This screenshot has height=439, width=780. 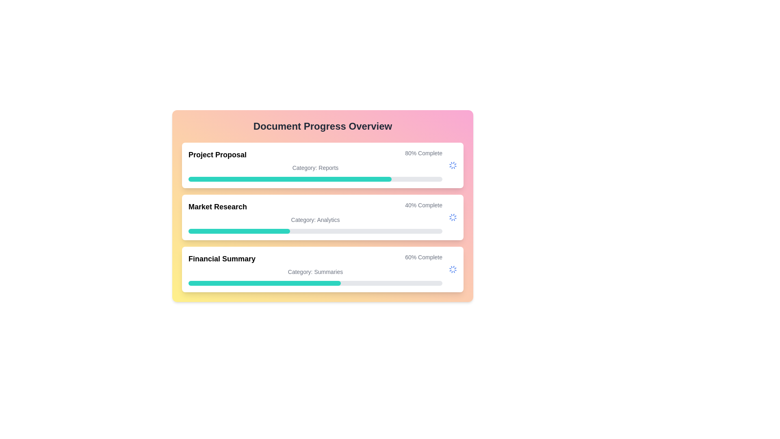 I want to click on text label 'Financial Summary' which serves as the title for the associated section, so click(x=222, y=259).